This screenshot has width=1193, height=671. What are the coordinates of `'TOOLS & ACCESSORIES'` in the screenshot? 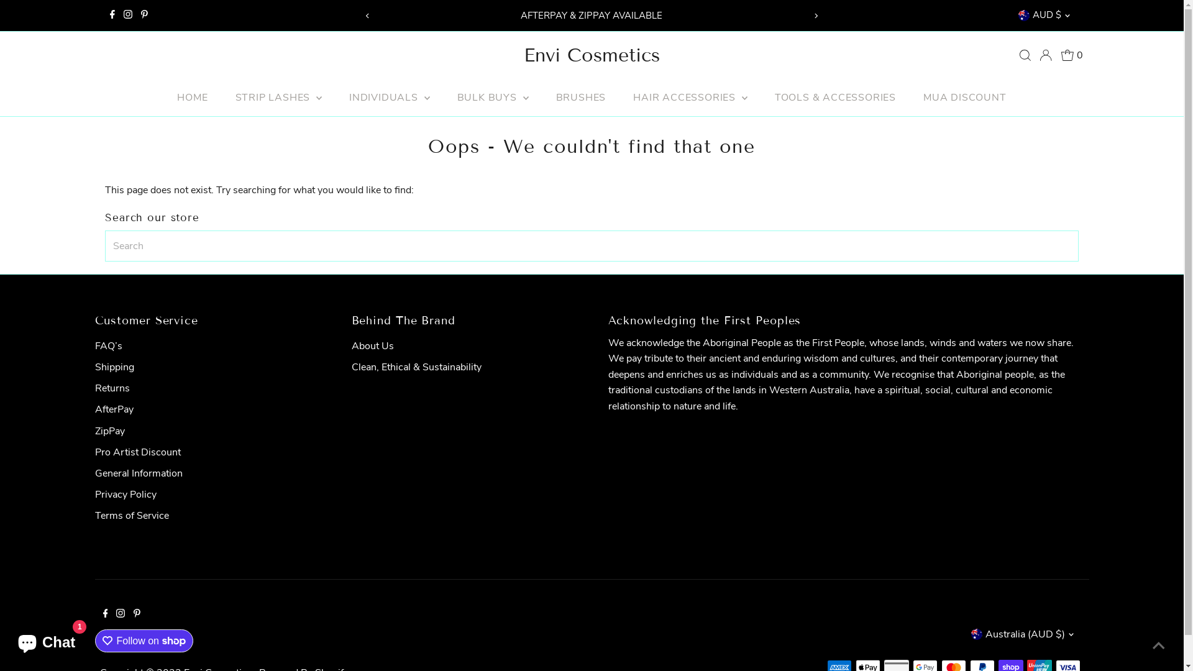 It's located at (835, 97).